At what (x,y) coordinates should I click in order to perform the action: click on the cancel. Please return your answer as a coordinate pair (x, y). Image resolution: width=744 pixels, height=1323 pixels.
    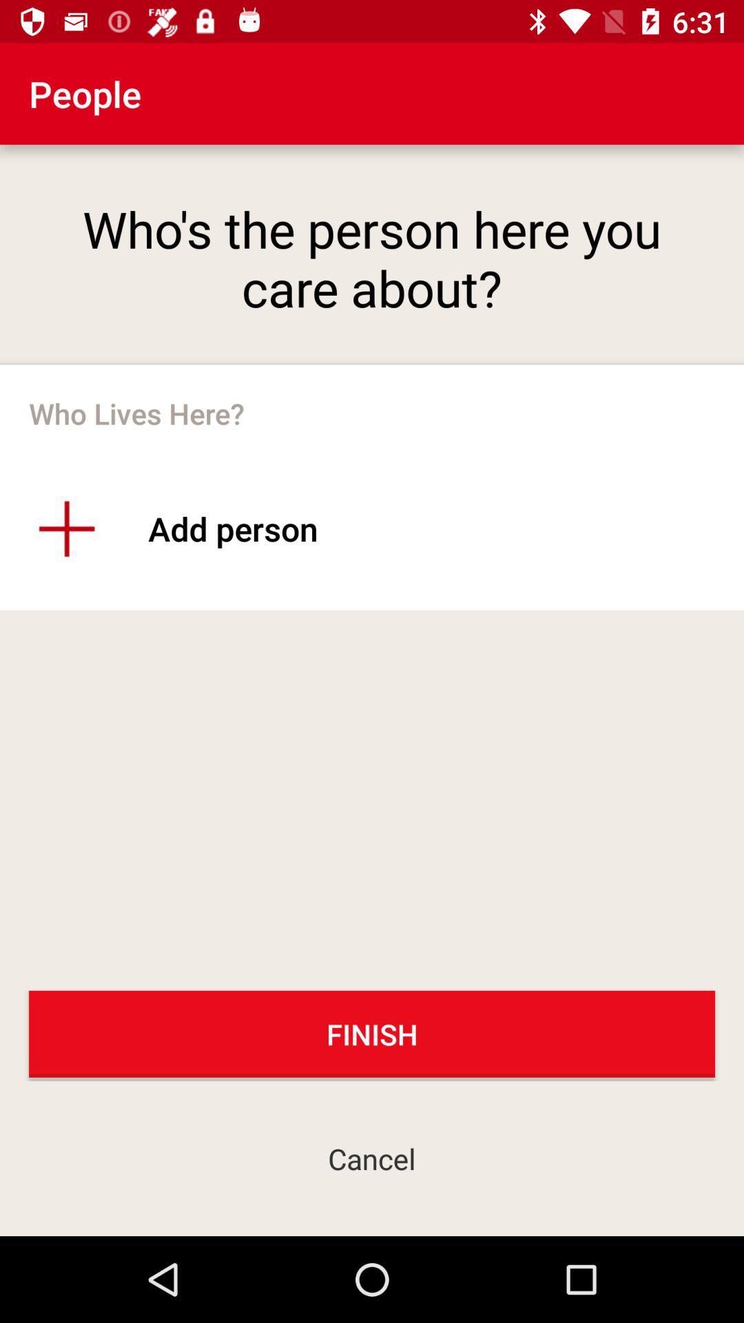
    Looking at the image, I should click on (372, 1158).